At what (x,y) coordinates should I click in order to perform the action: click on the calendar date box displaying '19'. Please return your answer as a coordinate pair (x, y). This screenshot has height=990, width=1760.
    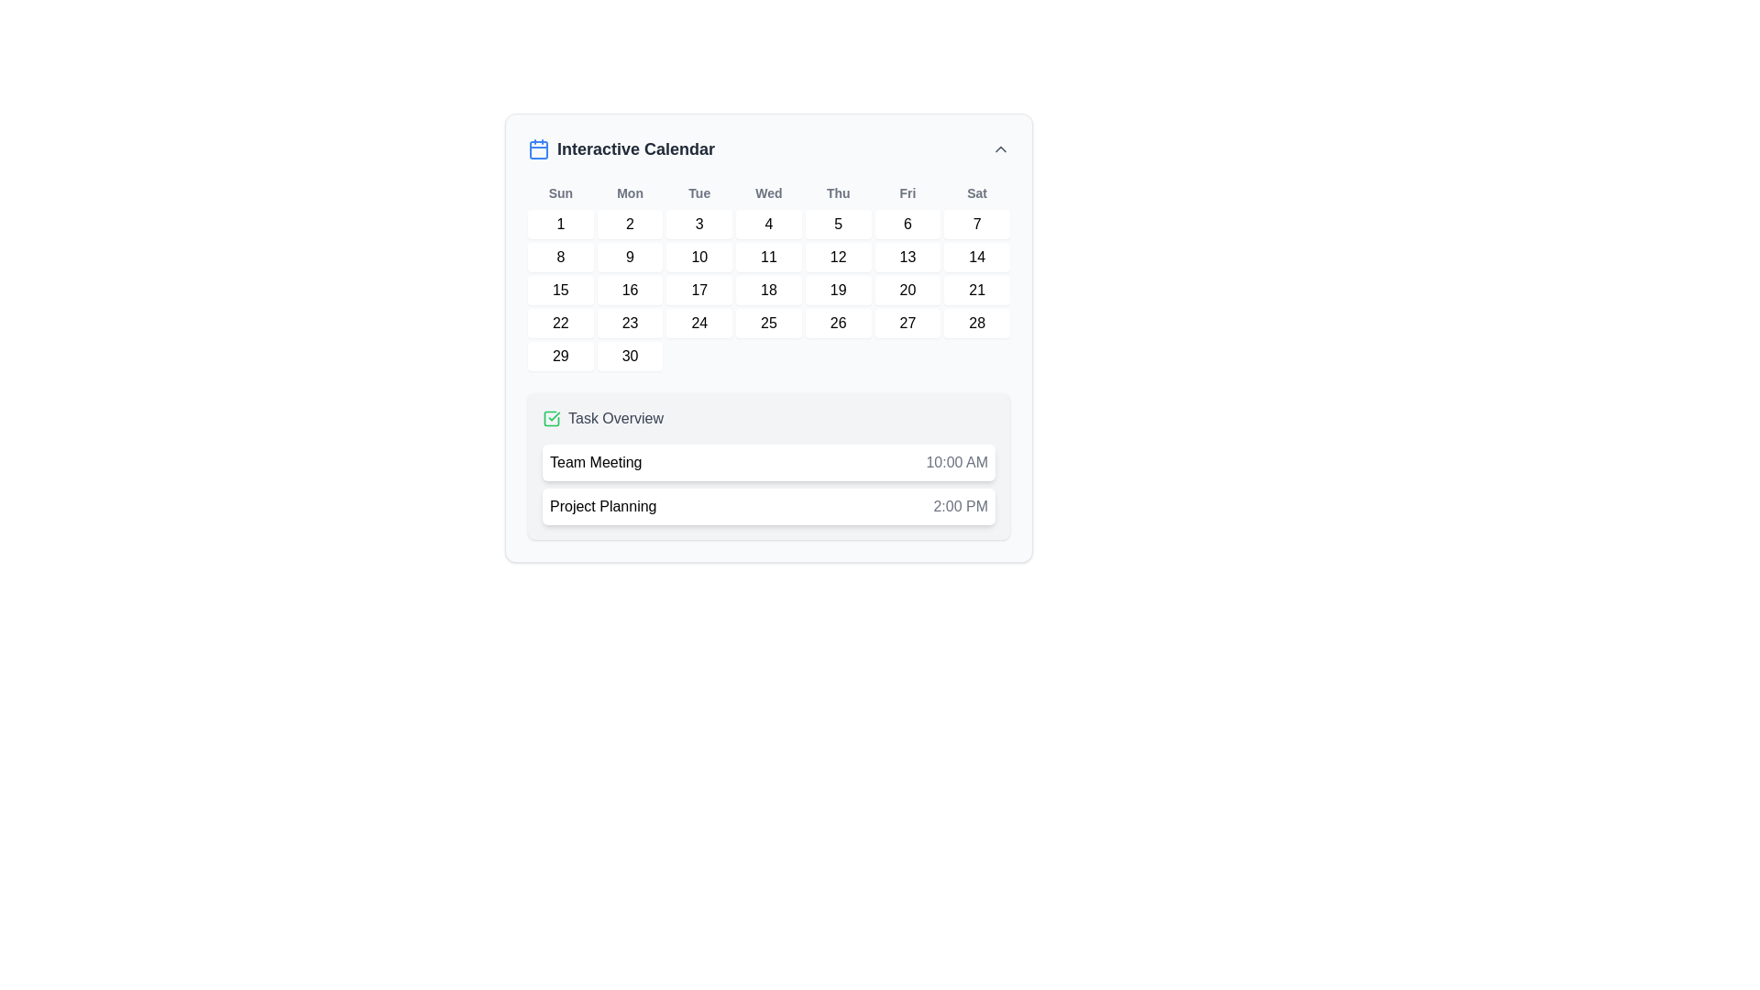
    Looking at the image, I should click on (837, 289).